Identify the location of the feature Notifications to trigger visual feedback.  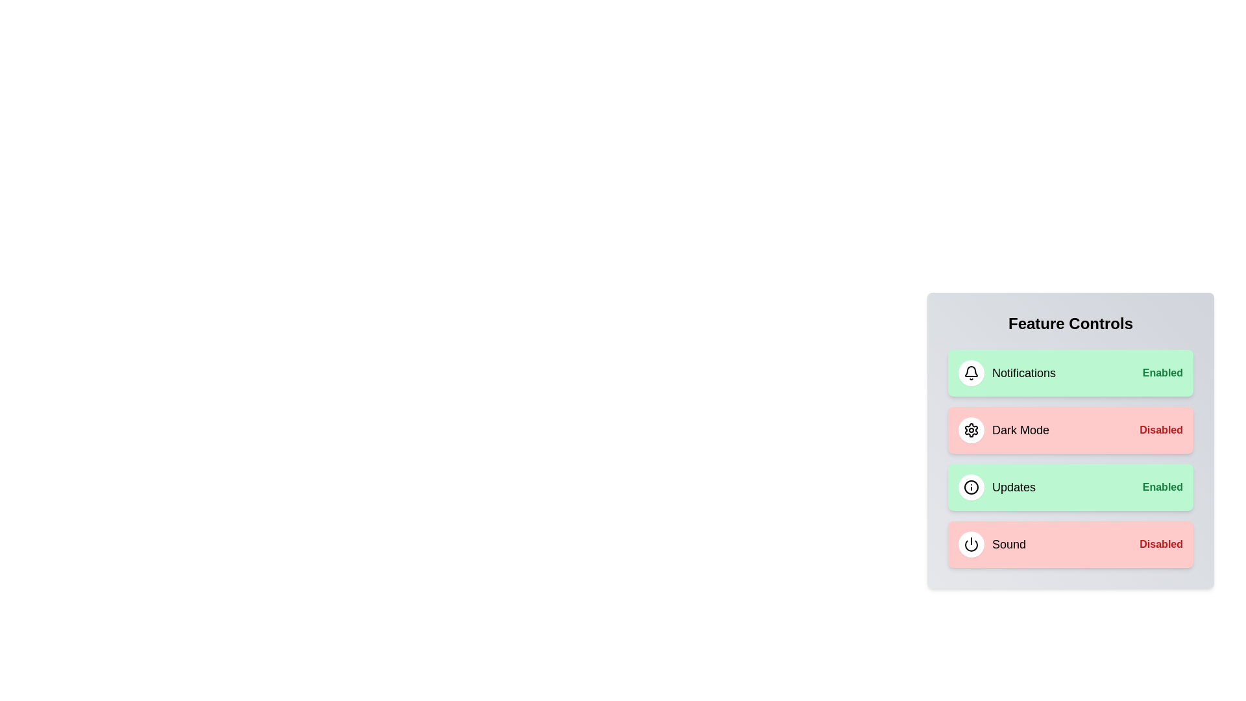
(1071, 373).